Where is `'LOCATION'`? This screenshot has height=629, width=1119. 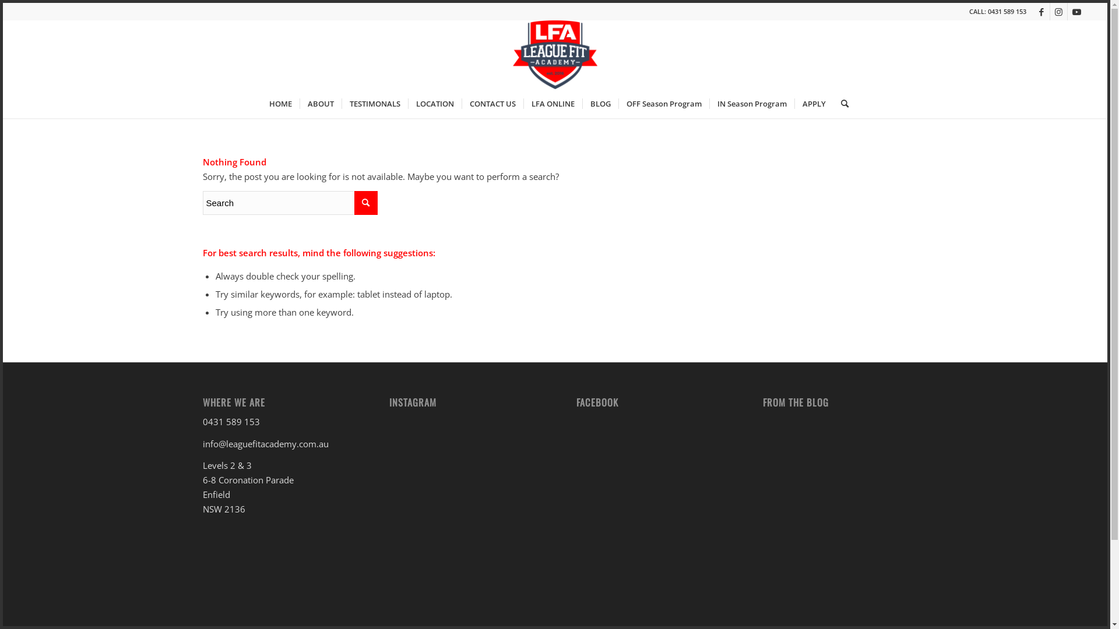
'LOCATION' is located at coordinates (434, 103).